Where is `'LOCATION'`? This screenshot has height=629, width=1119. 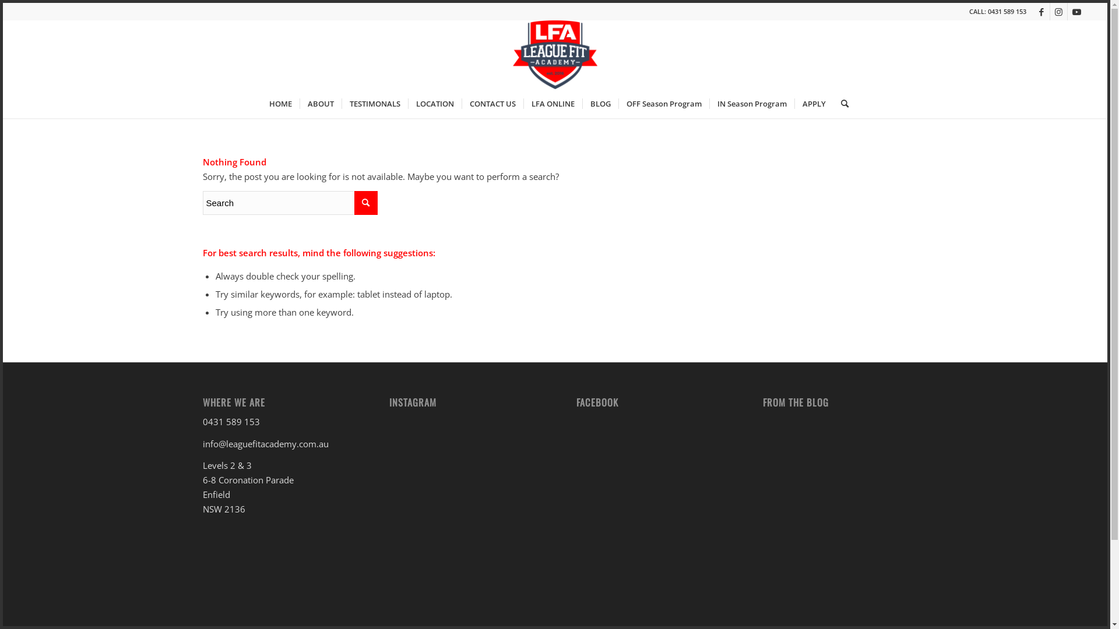
'LOCATION' is located at coordinates (434, 103).